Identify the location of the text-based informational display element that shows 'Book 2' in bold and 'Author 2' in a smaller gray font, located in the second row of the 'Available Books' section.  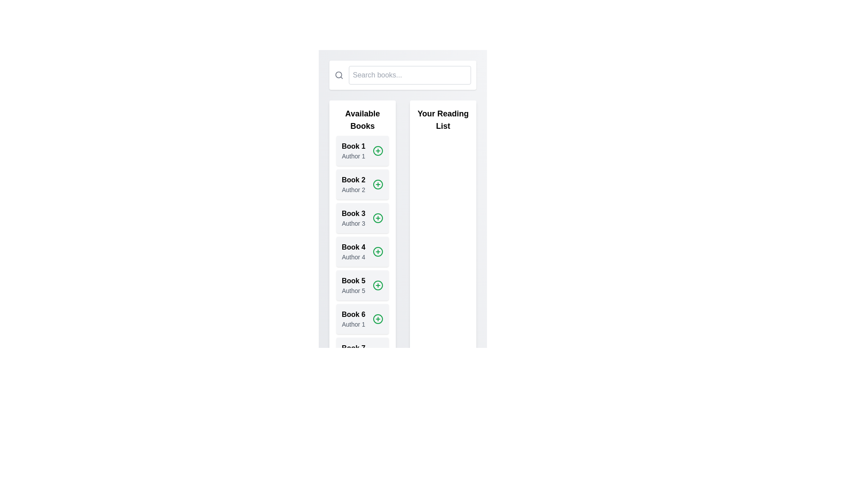
(353, 184).